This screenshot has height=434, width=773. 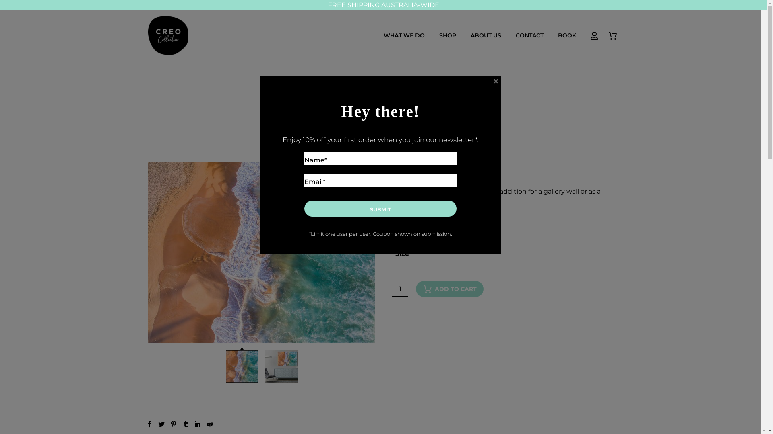 I want to click on 'CONTACT', so click(x=529, y=35).